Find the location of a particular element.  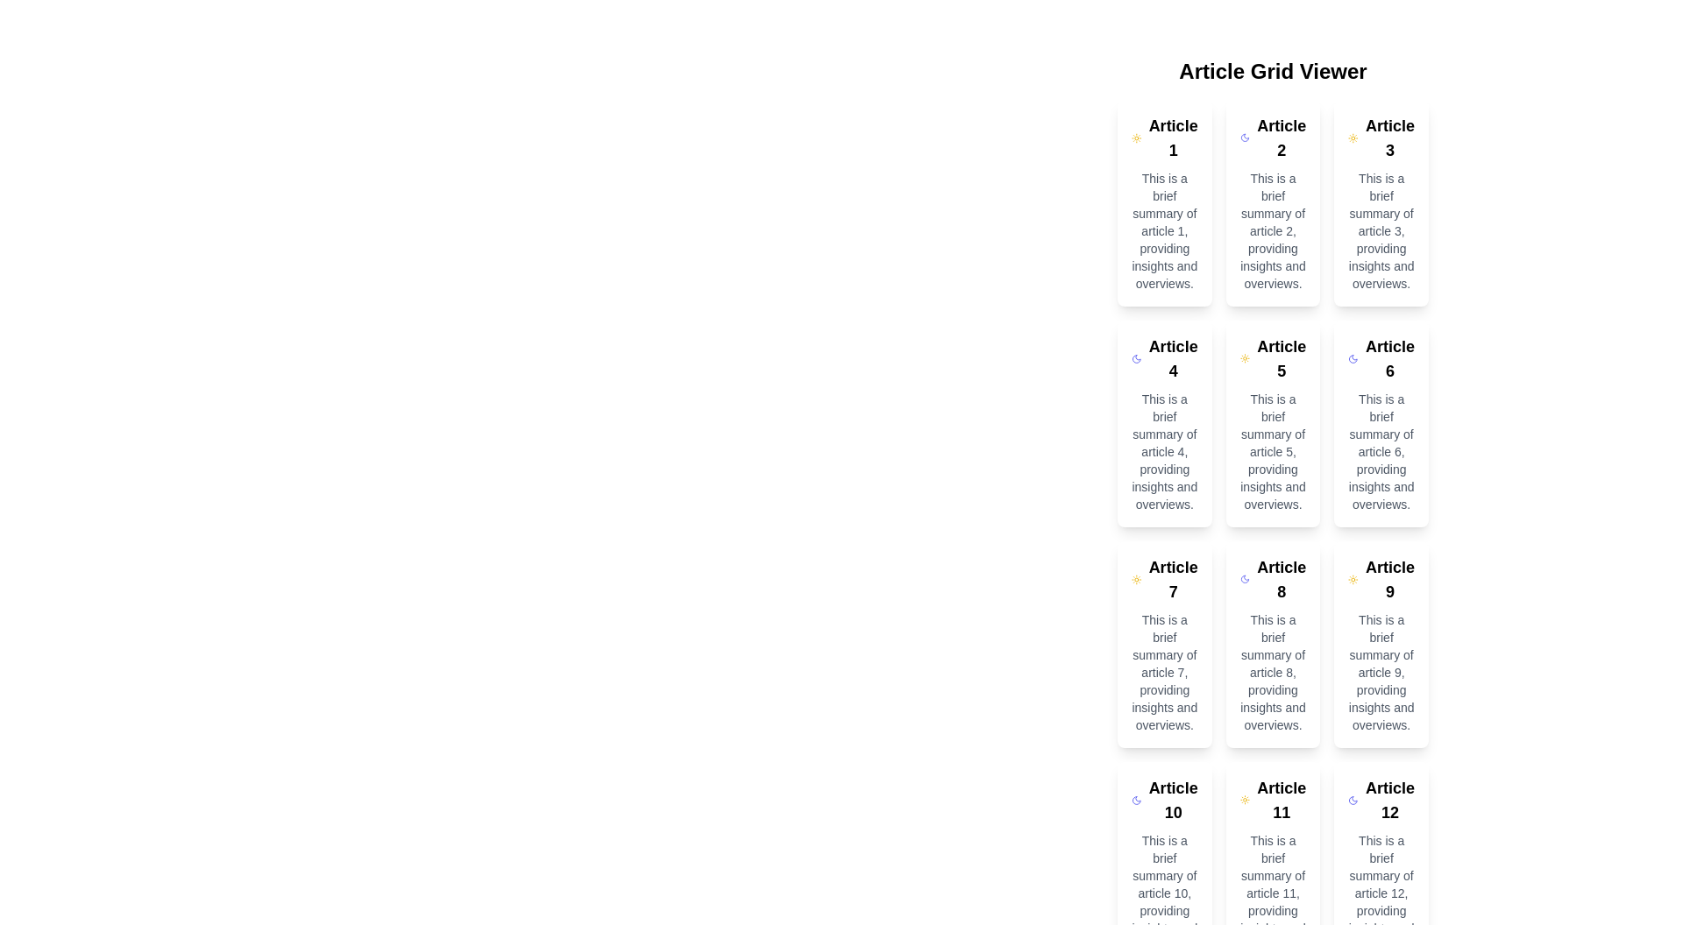

text of the Text Header displaying 'Article 1', which is styled in bold font and located in the first cell of the article grid is located at coordinates (1173, 138).